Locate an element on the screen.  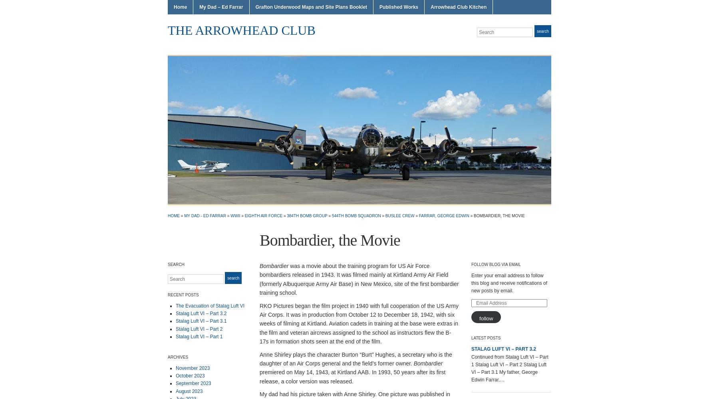
'Recent Posts' is located at coordinates (183, 294).